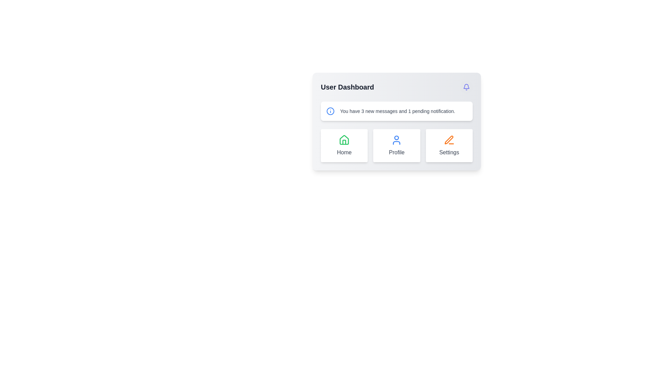 The image size is (661, 372). What do you see at coordinates (397, 140) in the screenshot?
I see `the blue user silhouette icon located above the 'Profile' text` at bounding box center [397, 140].